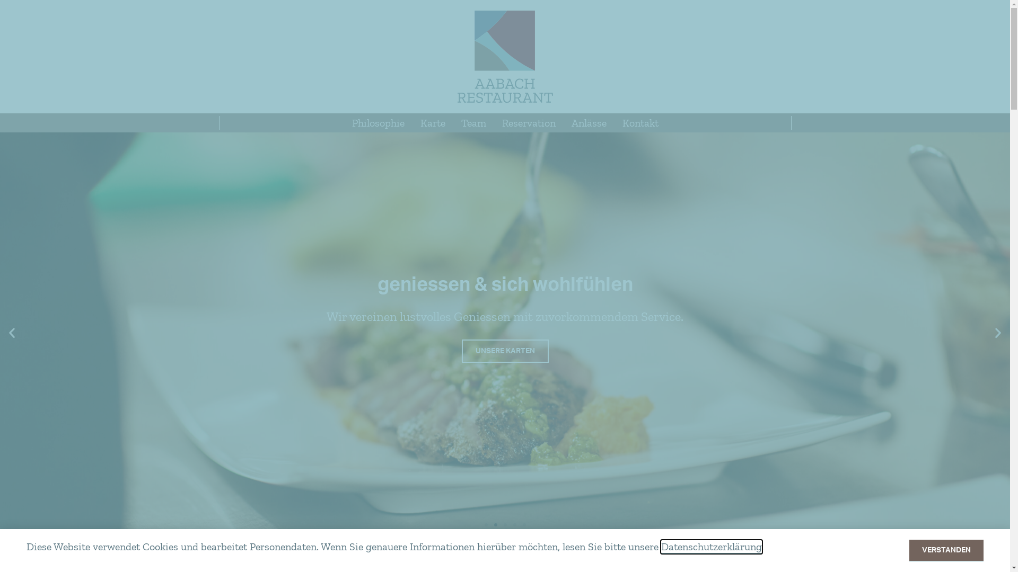  I want to click on 'VERSTANDEN', so click(946, 550).